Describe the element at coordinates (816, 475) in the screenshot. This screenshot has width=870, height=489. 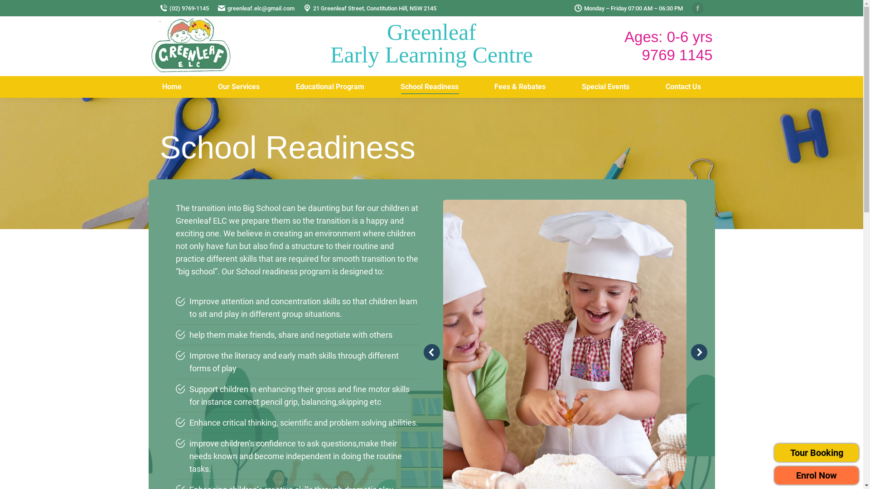
I see `'Enrol Now'` at that location.